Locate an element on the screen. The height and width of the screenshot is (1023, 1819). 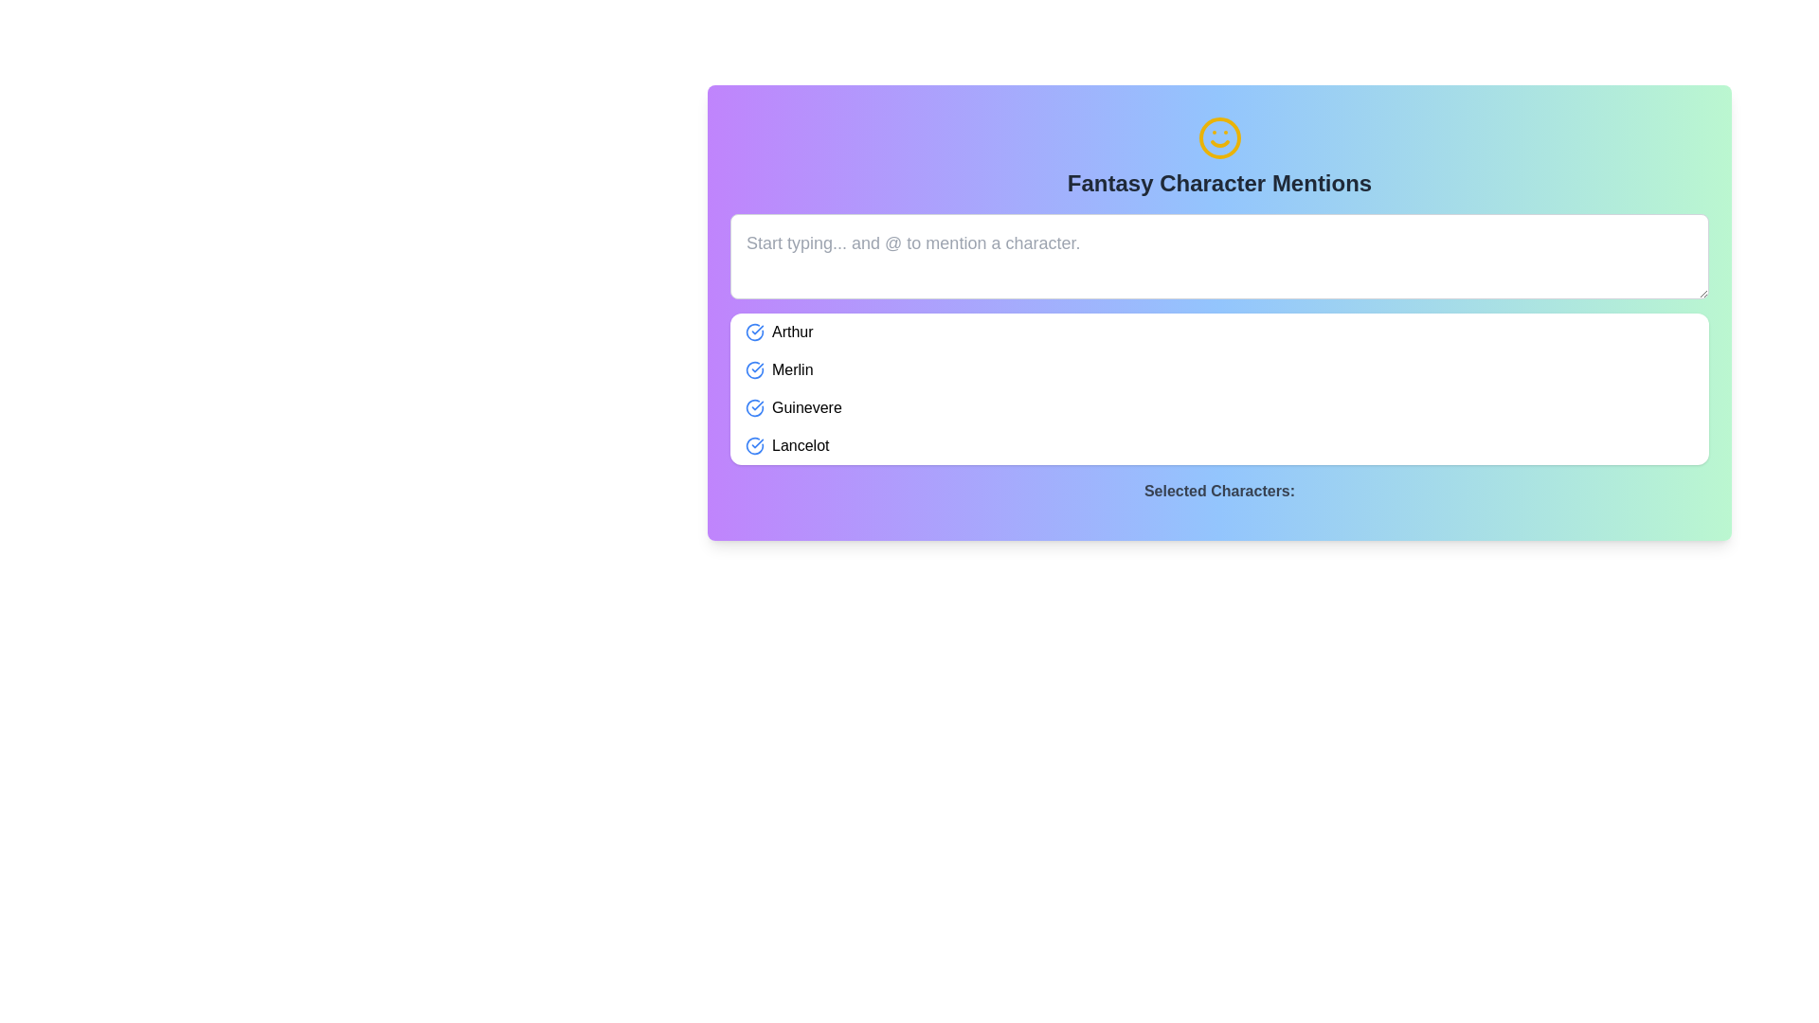
the circular blue checkmark icon located at the beginning of the list item labeled 'Arthur', which serves as a status or confirmation indicator is located at coordinates (753, 332).